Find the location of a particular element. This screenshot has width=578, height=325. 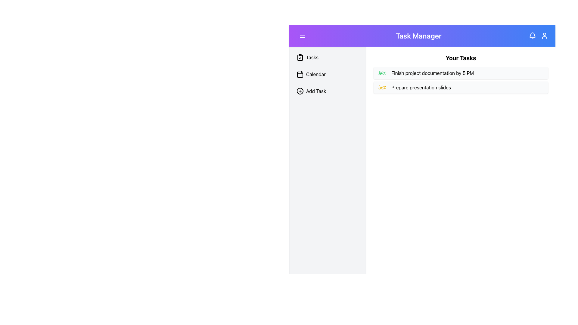

the 'Tasks' menu item icon located at the top left of the sidebar panel is located at coordinates (300, 58).